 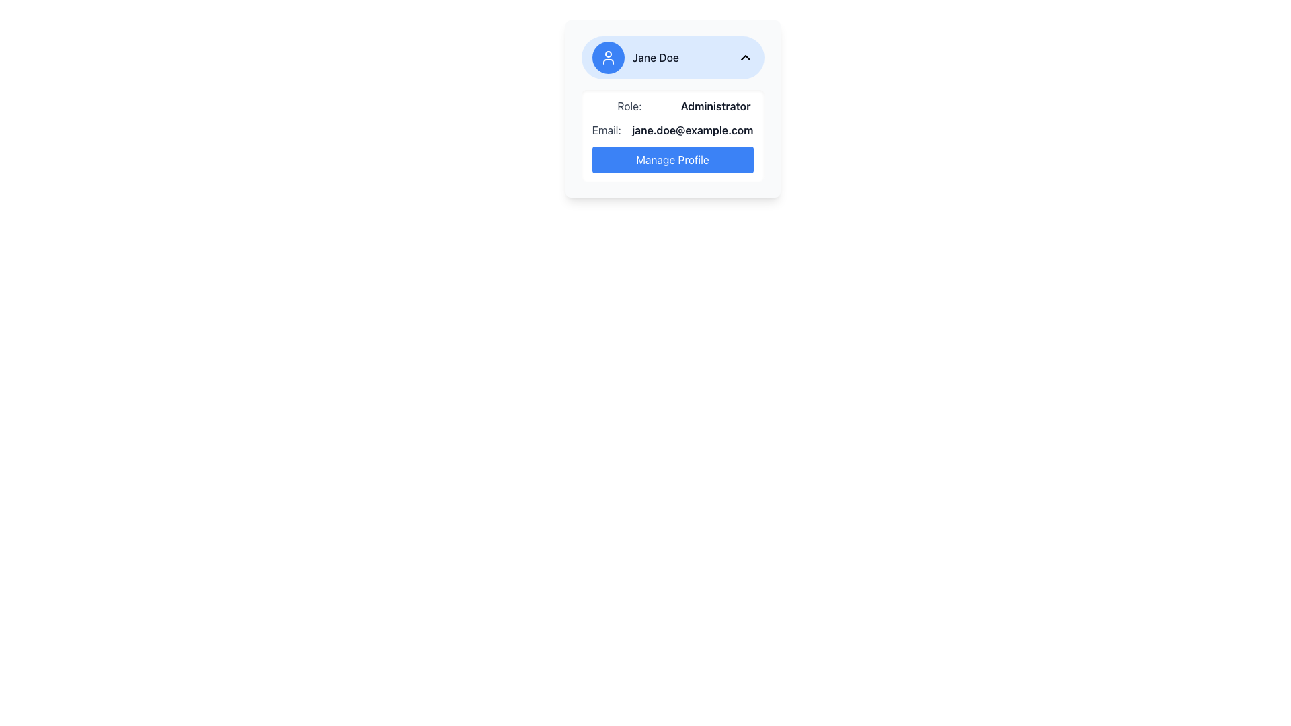 I want to click on the static label displaying the user's email address, which is located to the right of the text 'Email:' and above the 'Manage Profile' button, so click(x=693, y=130).